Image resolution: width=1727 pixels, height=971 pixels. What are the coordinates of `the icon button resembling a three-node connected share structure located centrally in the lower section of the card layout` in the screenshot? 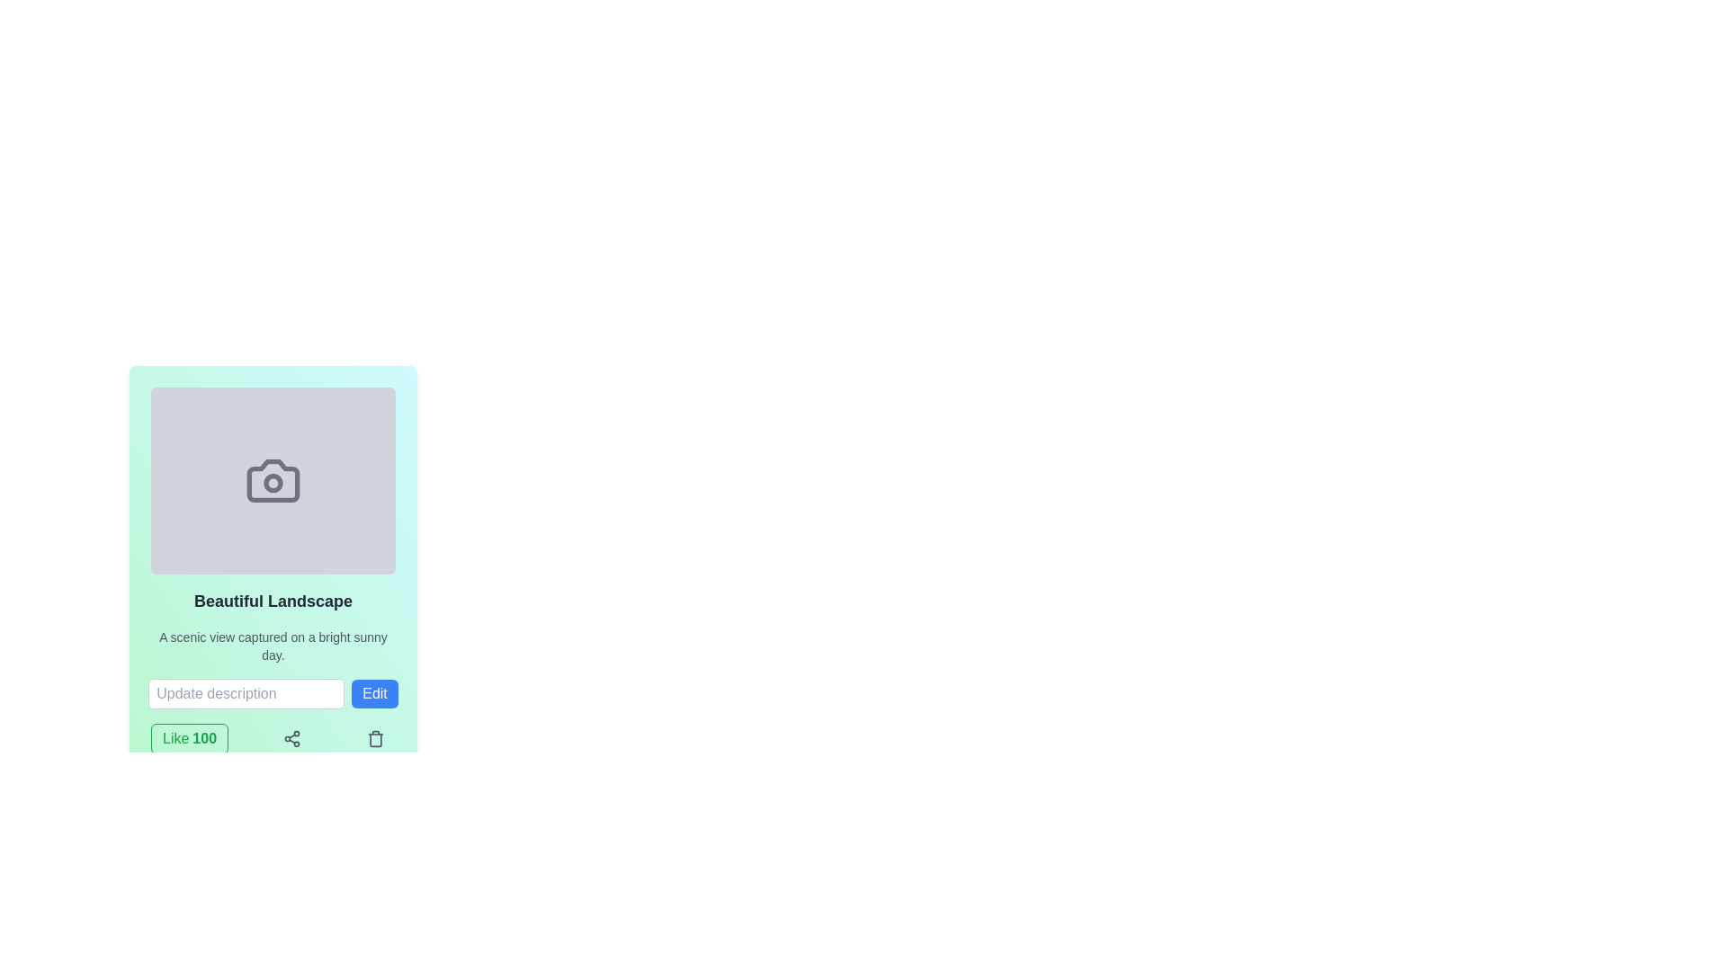 It's located at (292, 738).